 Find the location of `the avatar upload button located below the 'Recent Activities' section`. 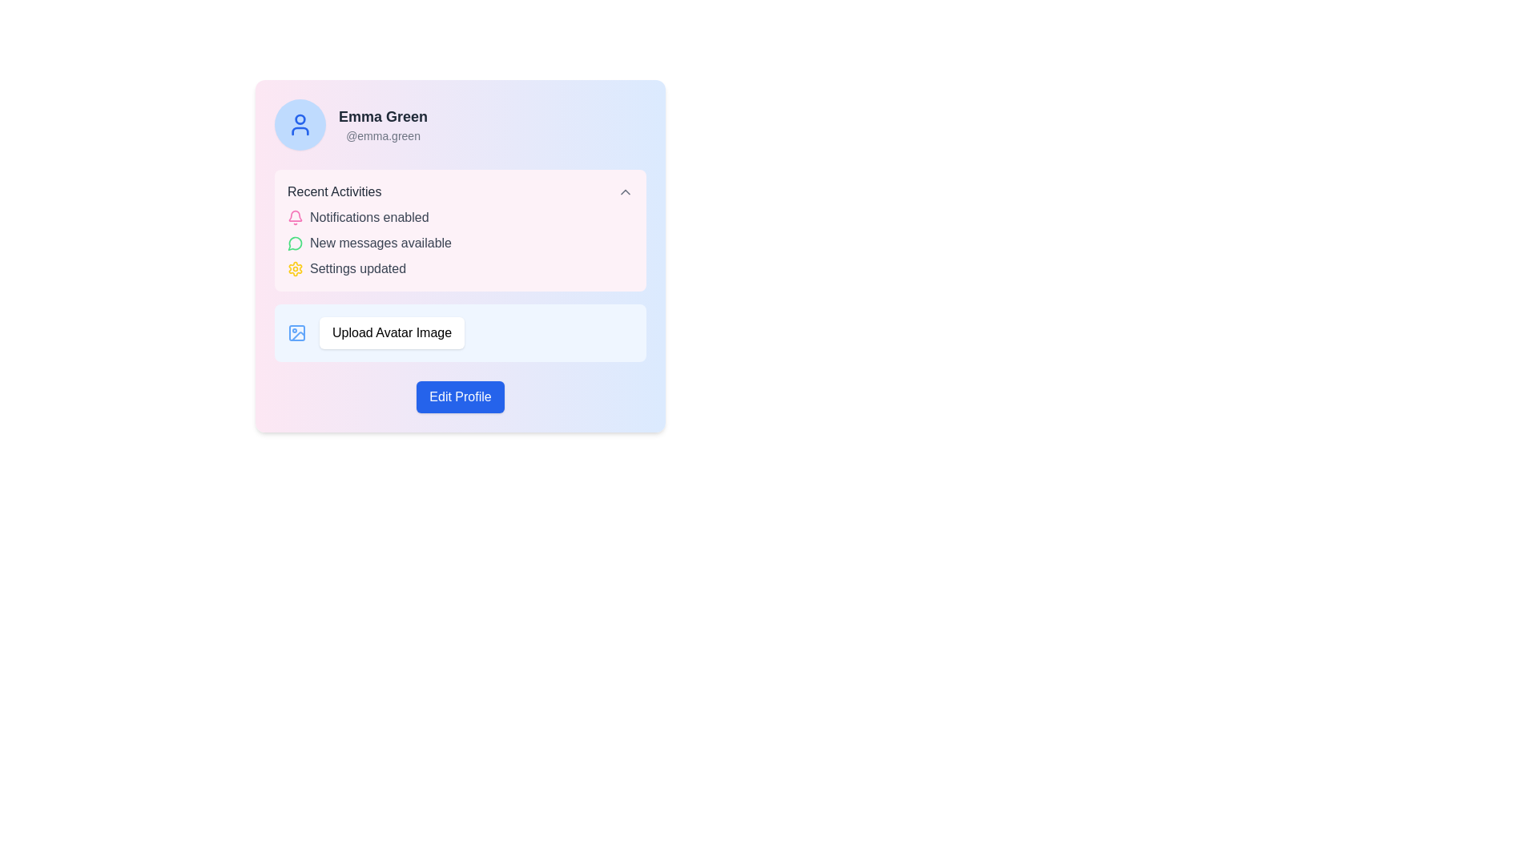

the avatar upload button located below the 'Recent Activities' section is located at coordinates (460, 332).